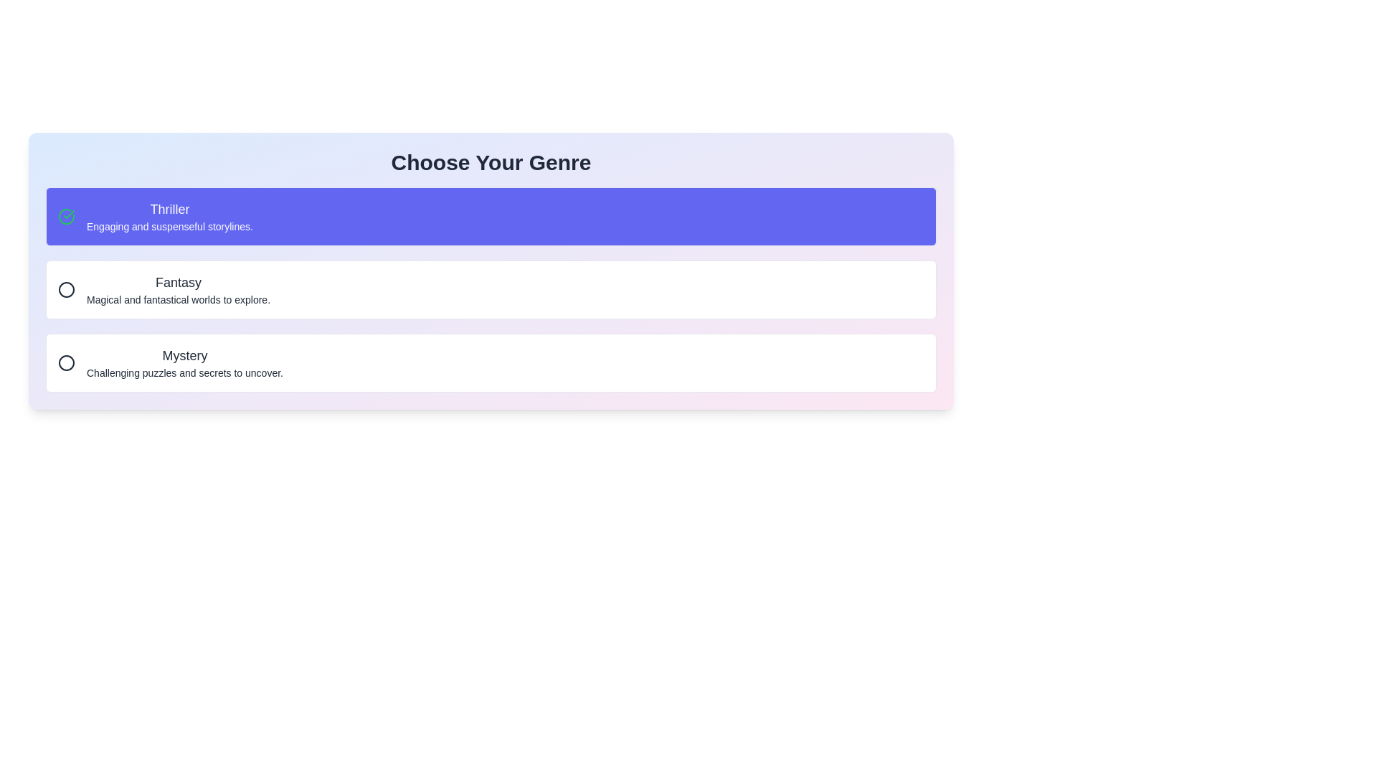 The width and height of the screenshot is (1377, 775). What do you see at coordinates (65, 362) in the screenshot?
I see `the circular icon located at the right margin of the 'Mystery' option` at bounding box center [65, 362].